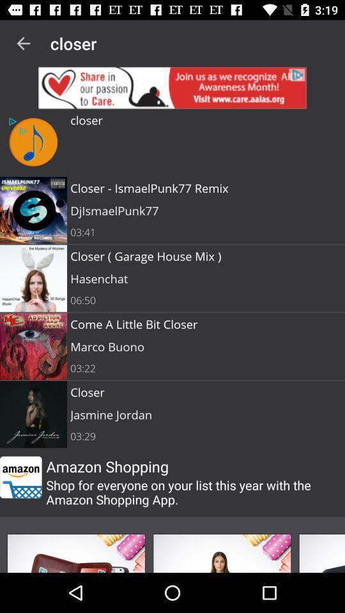  I want to click on advertisement page, so click(76, 552).